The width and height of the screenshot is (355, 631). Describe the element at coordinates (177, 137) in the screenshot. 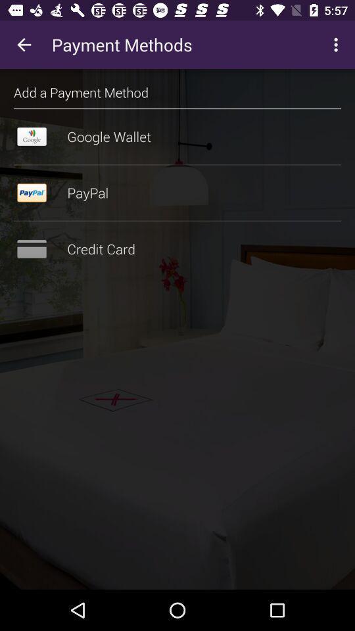

I see `google wallet item` at that location.